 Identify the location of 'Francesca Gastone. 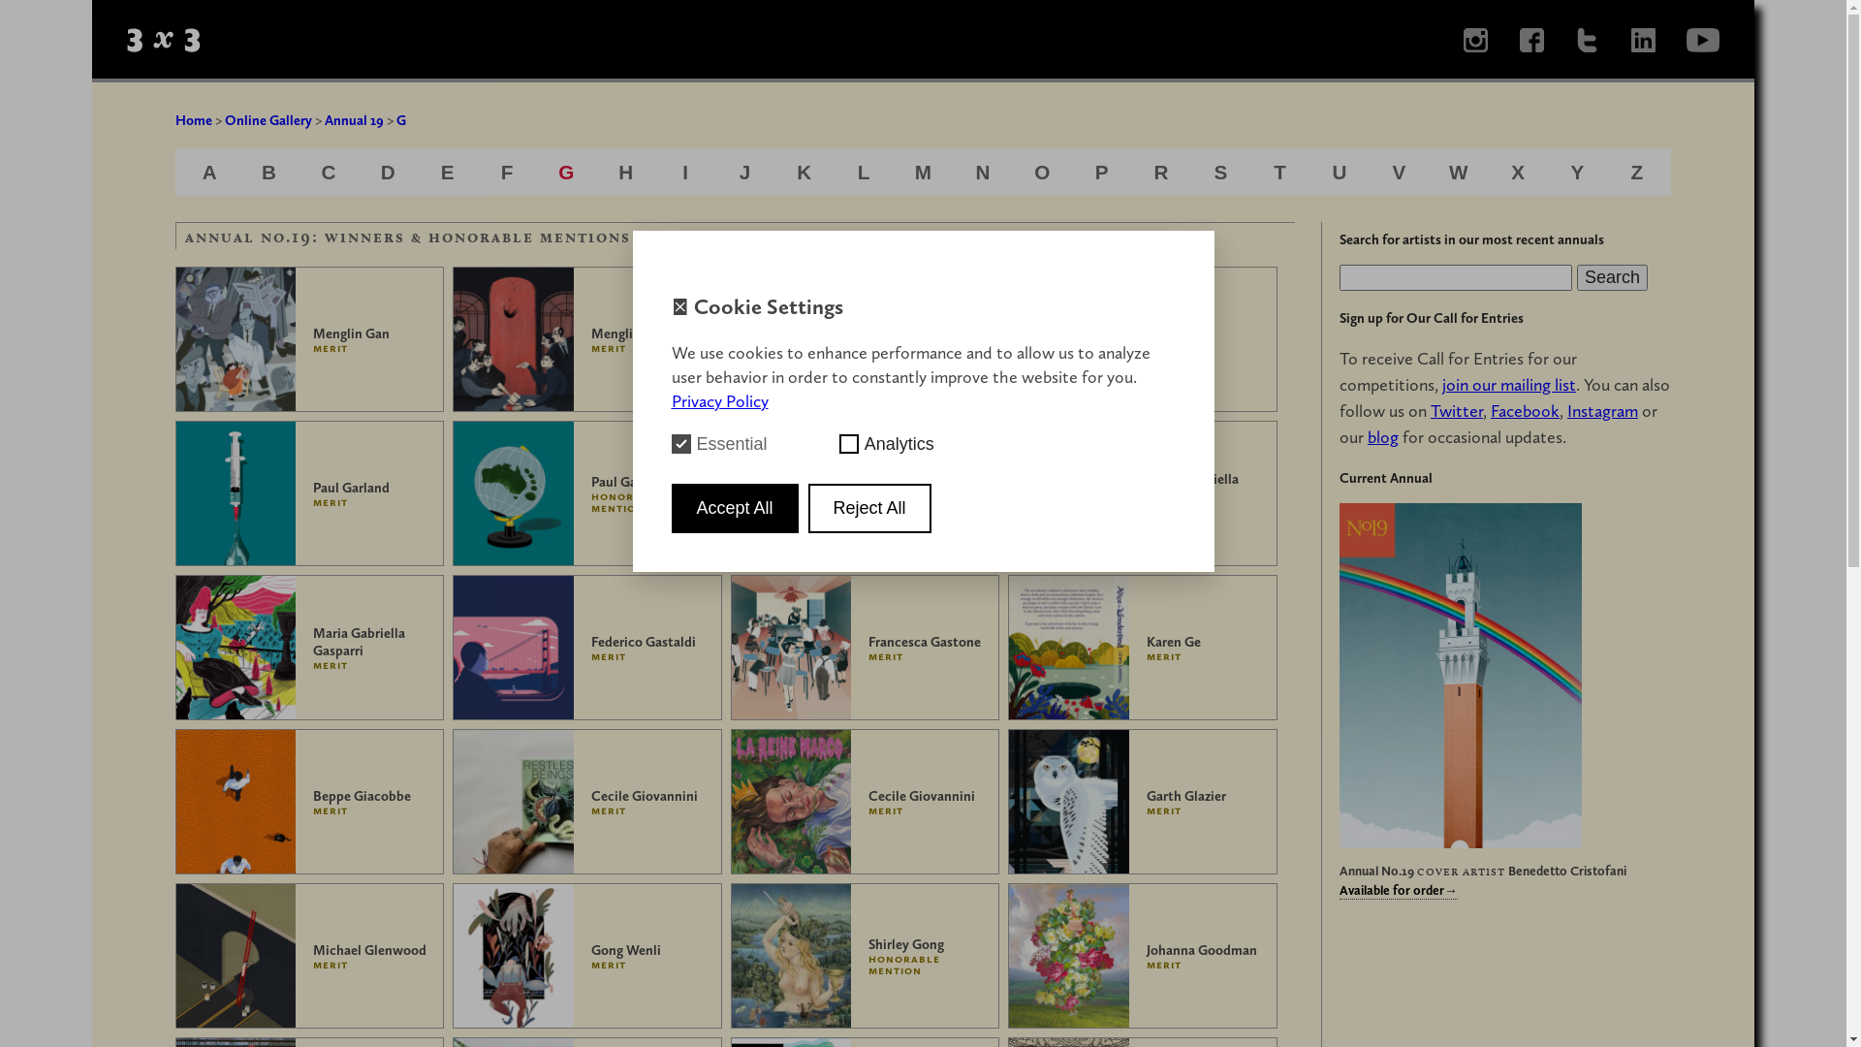
(864, 647).